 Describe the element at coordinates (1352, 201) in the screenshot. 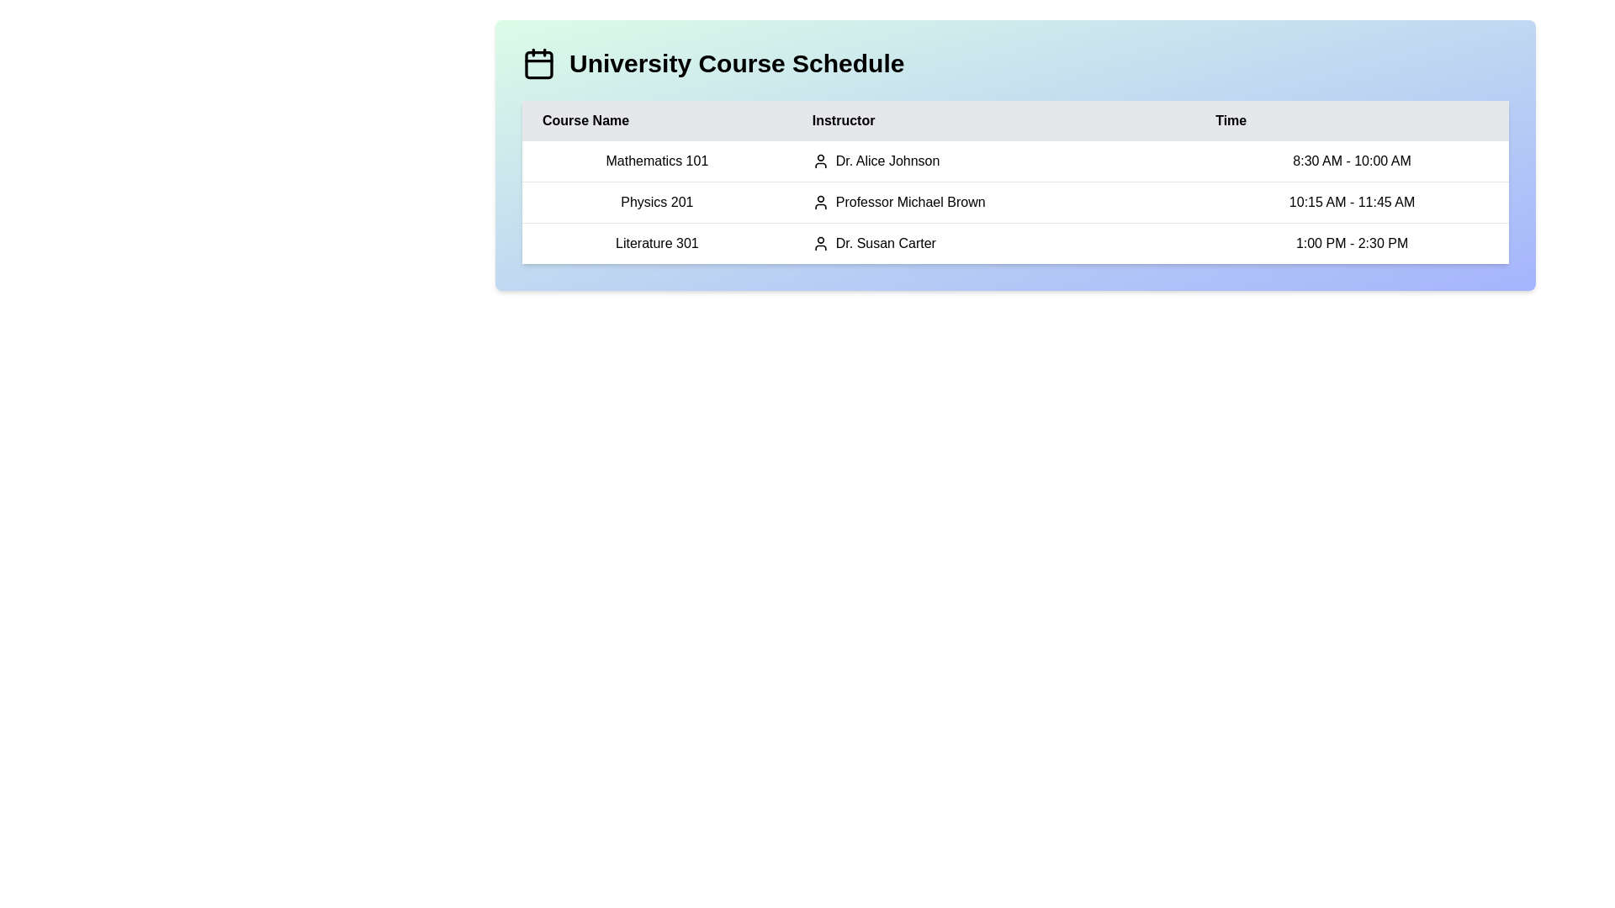

I see `the text display showing '10:15 AM - 11:45 AM' in the 'Time' column of the second row in the 'University Course Schedule' table, corresponding to the 'Physics 201' course` at that location.